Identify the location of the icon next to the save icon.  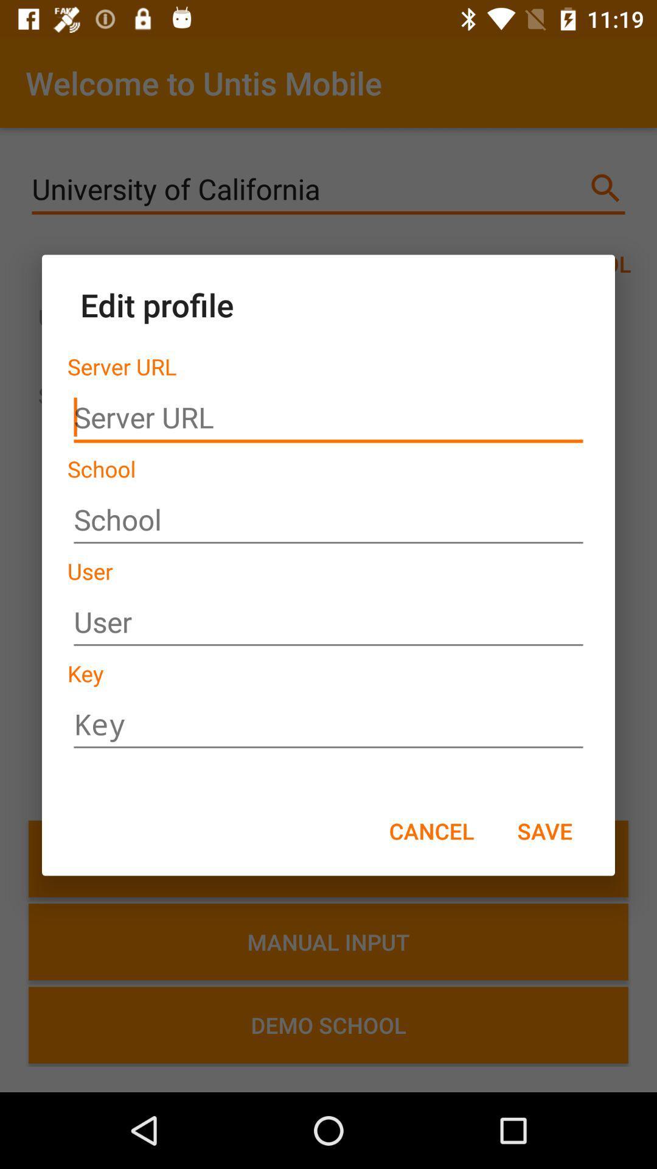
(431, 830).